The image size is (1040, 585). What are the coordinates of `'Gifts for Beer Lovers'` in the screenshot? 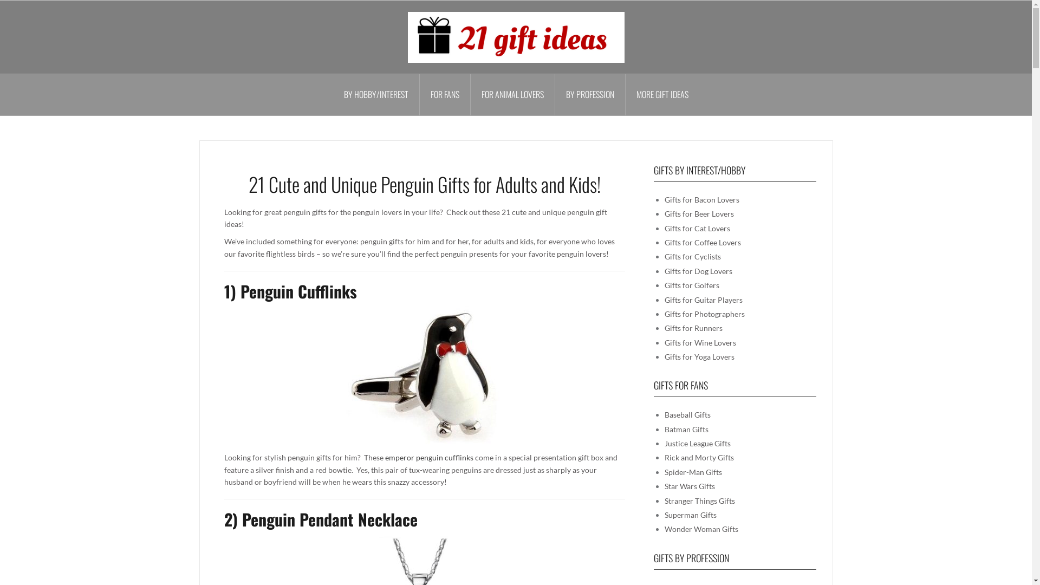 It's located at (663, 213).